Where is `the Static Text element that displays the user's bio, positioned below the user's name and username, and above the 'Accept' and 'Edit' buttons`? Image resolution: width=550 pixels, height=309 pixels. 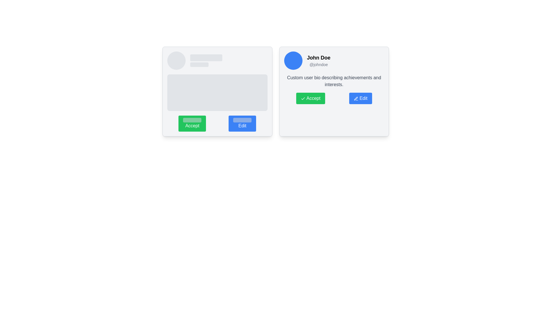
the Static Text element that displays the user's bio, positioned below the user's name and username, and above the 'Accept' and 'Edit' buttons is located at coordinates (334, 81).